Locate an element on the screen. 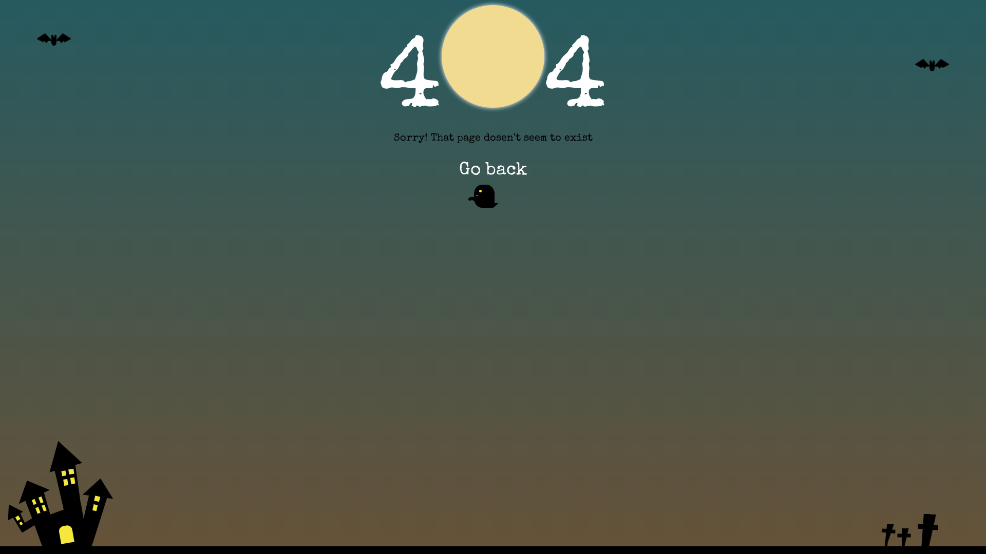 The width and height of the screenshot is (986, 554). 'Go back' is located at coordinates (493, 170).